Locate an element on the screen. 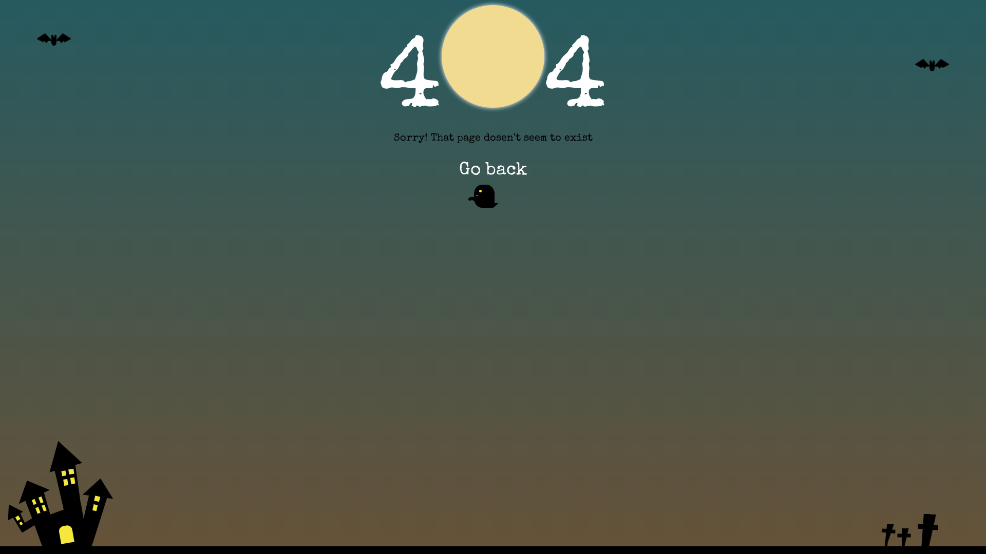 The width and height of the screenshot is (986, 554). 'Go back' is located at coordinates (493, 170).